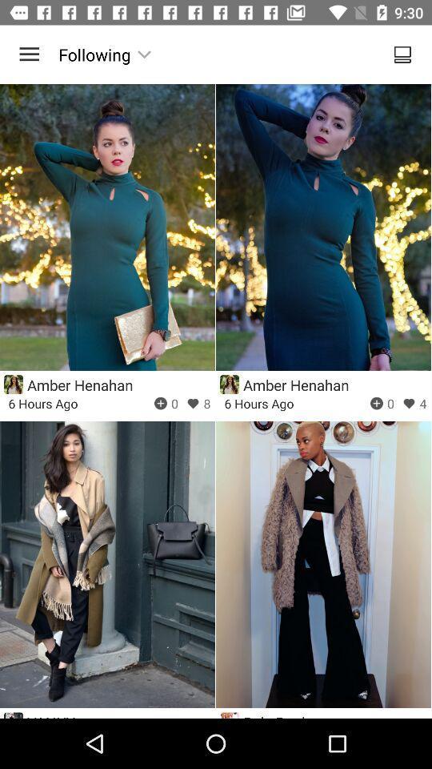  What do you see at coordinates (29, 54) in the screenshot?
I see `the icon to the left of following` at bounding box center [29, 54].